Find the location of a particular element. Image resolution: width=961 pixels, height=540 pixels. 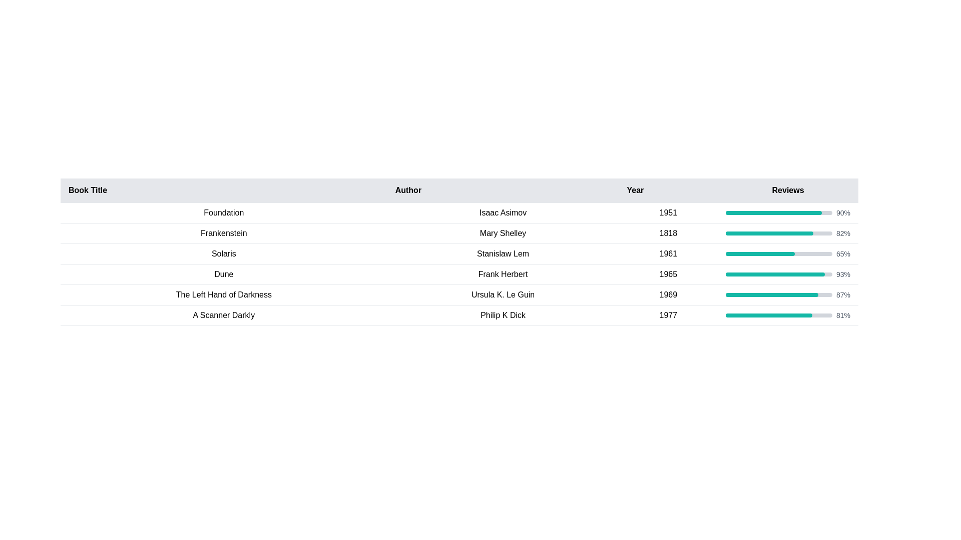

the progress bar indicating a 93% review score for the book titled 'Dune', located in the fourth row under the 'Reviews' column is located at coordinates (775, 274).